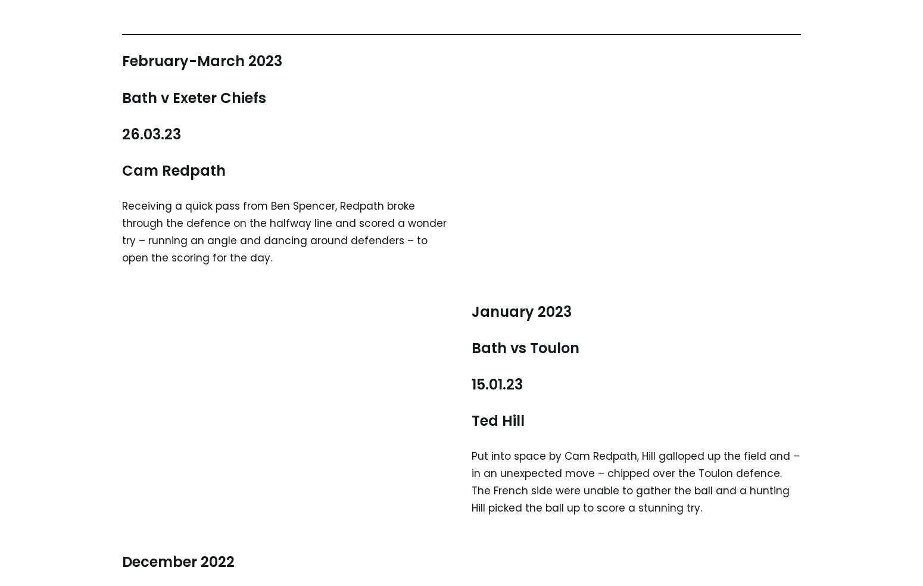 This screenshot has height=586, width=923. What do you see at coordinates (471, 384) in the screenshot?
I see `'15.01.23'` at bounding box center [471, 384].